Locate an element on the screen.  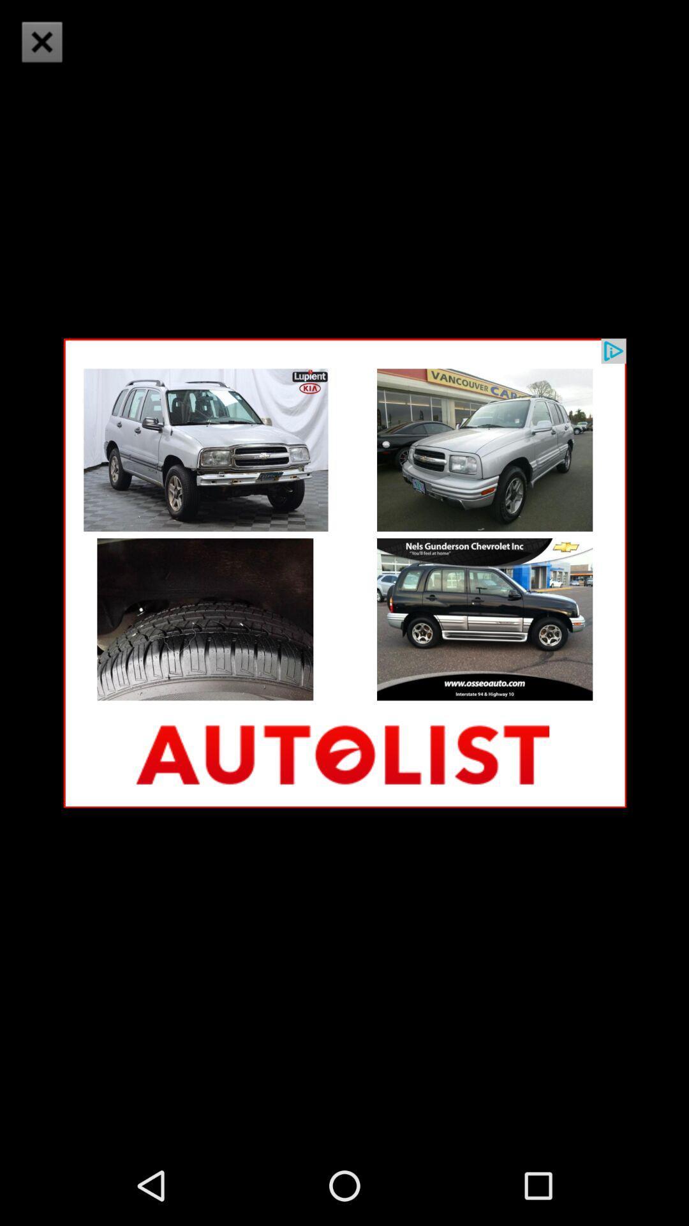
the close icon is located at coordinates (41, 45).